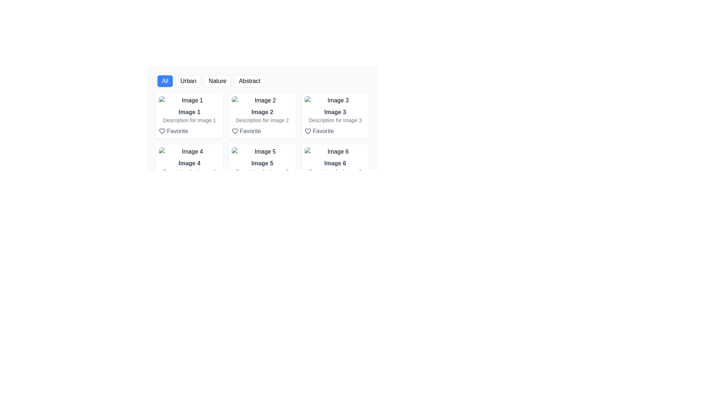  I want to click on the first image card in the gallery to focus on it, so click(189, 115).